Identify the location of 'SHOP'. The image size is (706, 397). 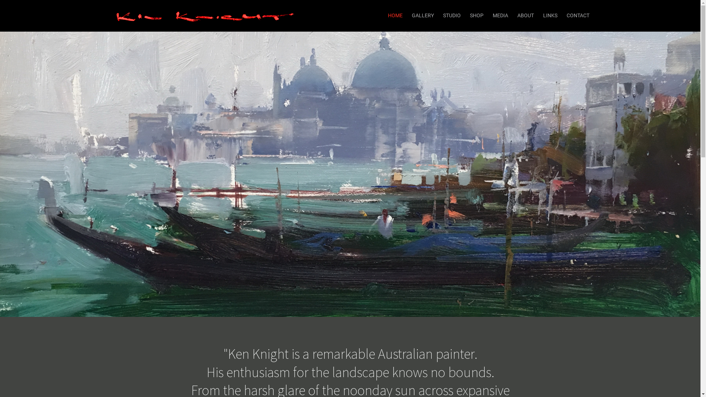
(477, 15).